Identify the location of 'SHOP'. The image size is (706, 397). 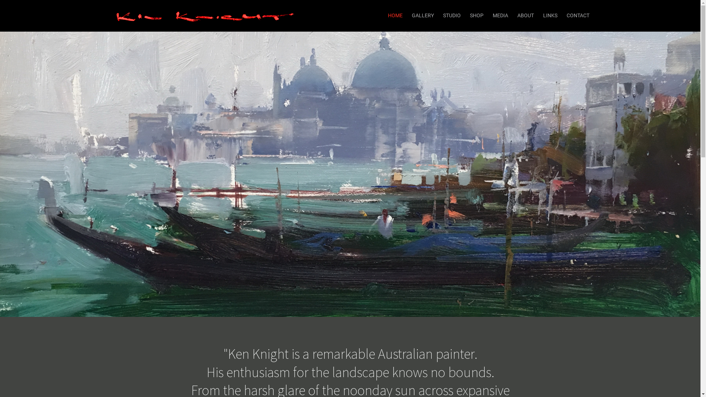
(477, 15).